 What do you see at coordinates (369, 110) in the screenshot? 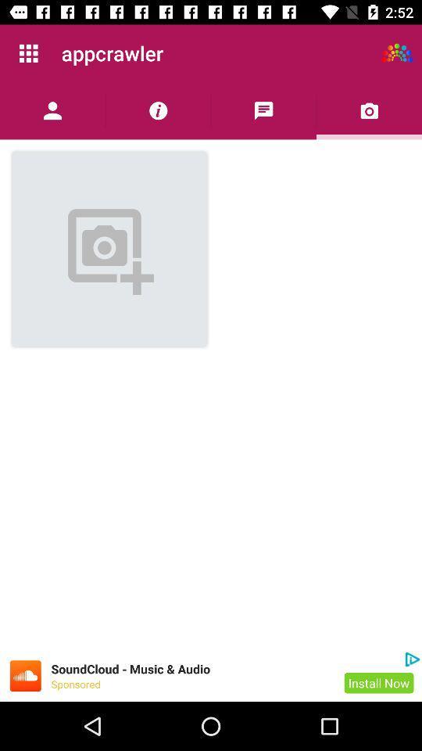
I see `camera` at bounding box center [369, 110].